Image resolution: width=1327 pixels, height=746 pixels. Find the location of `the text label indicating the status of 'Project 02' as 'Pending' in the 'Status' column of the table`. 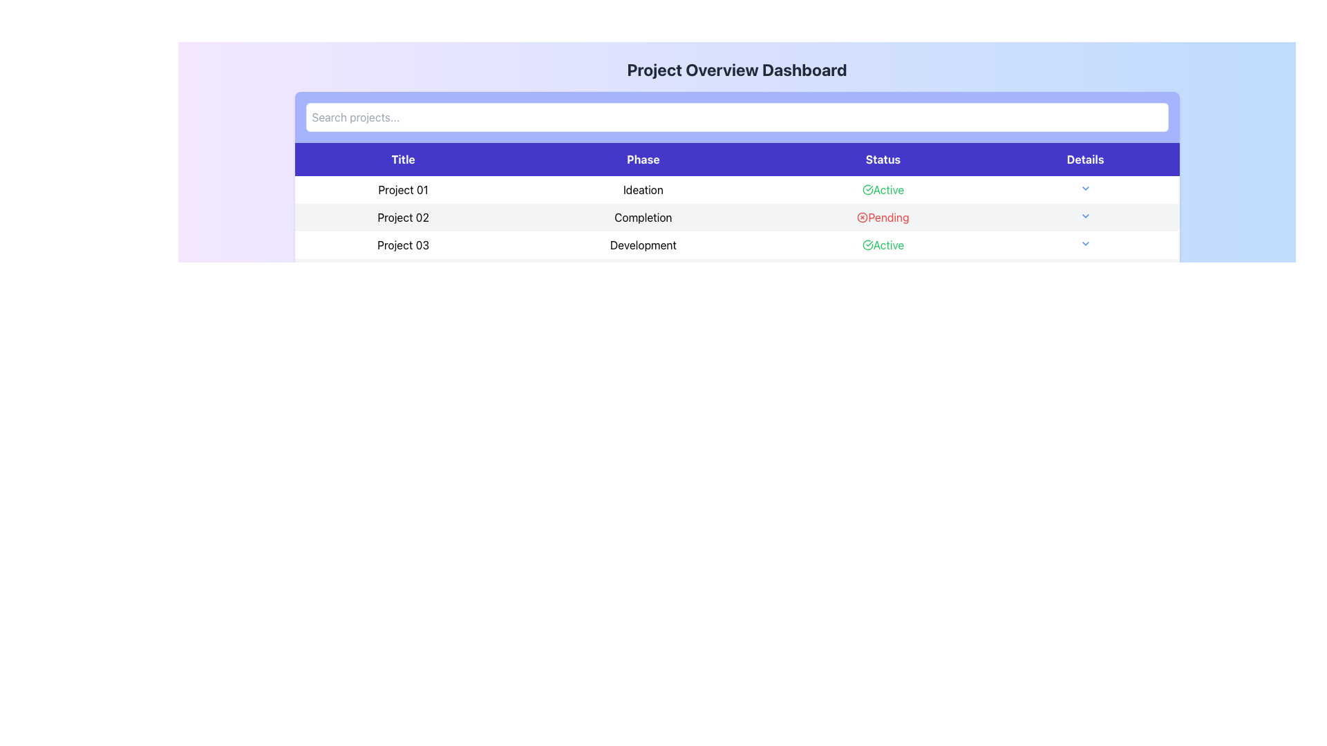

the text label indicating the status of 'Project 02' as 'Pending' in the 'Status' column of the table is located at coordinates (882, 218).